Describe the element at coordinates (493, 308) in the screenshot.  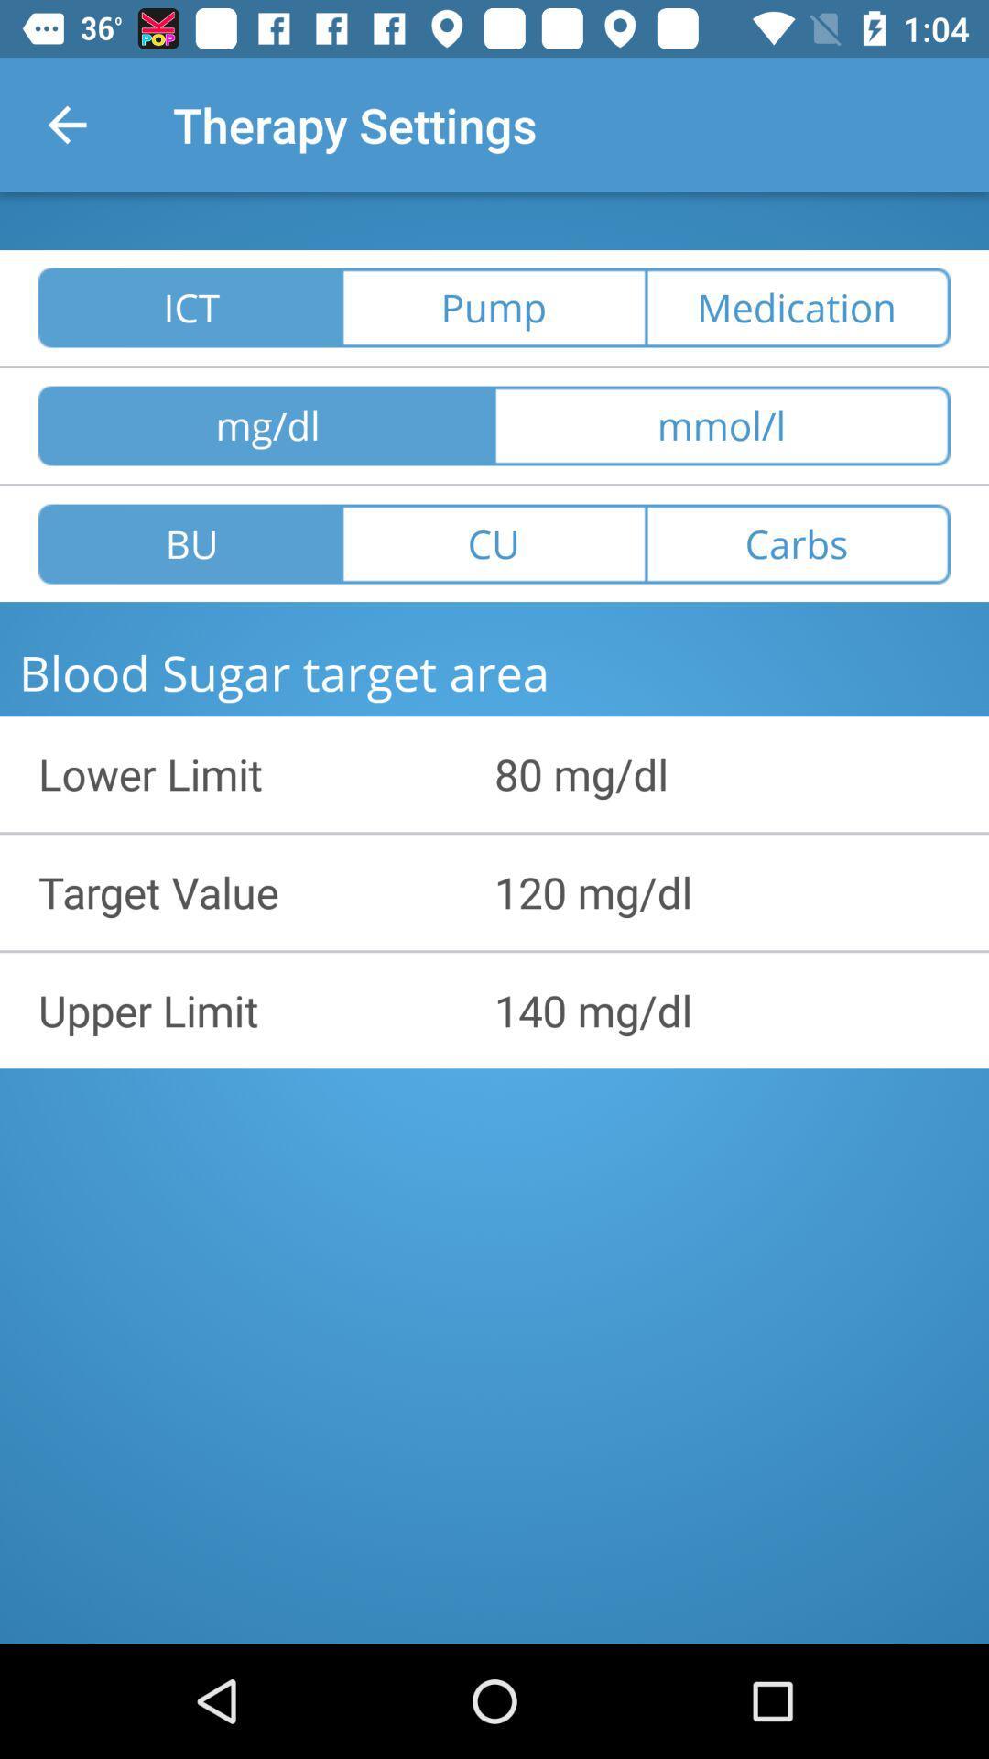
I see `the pump item` at that location.